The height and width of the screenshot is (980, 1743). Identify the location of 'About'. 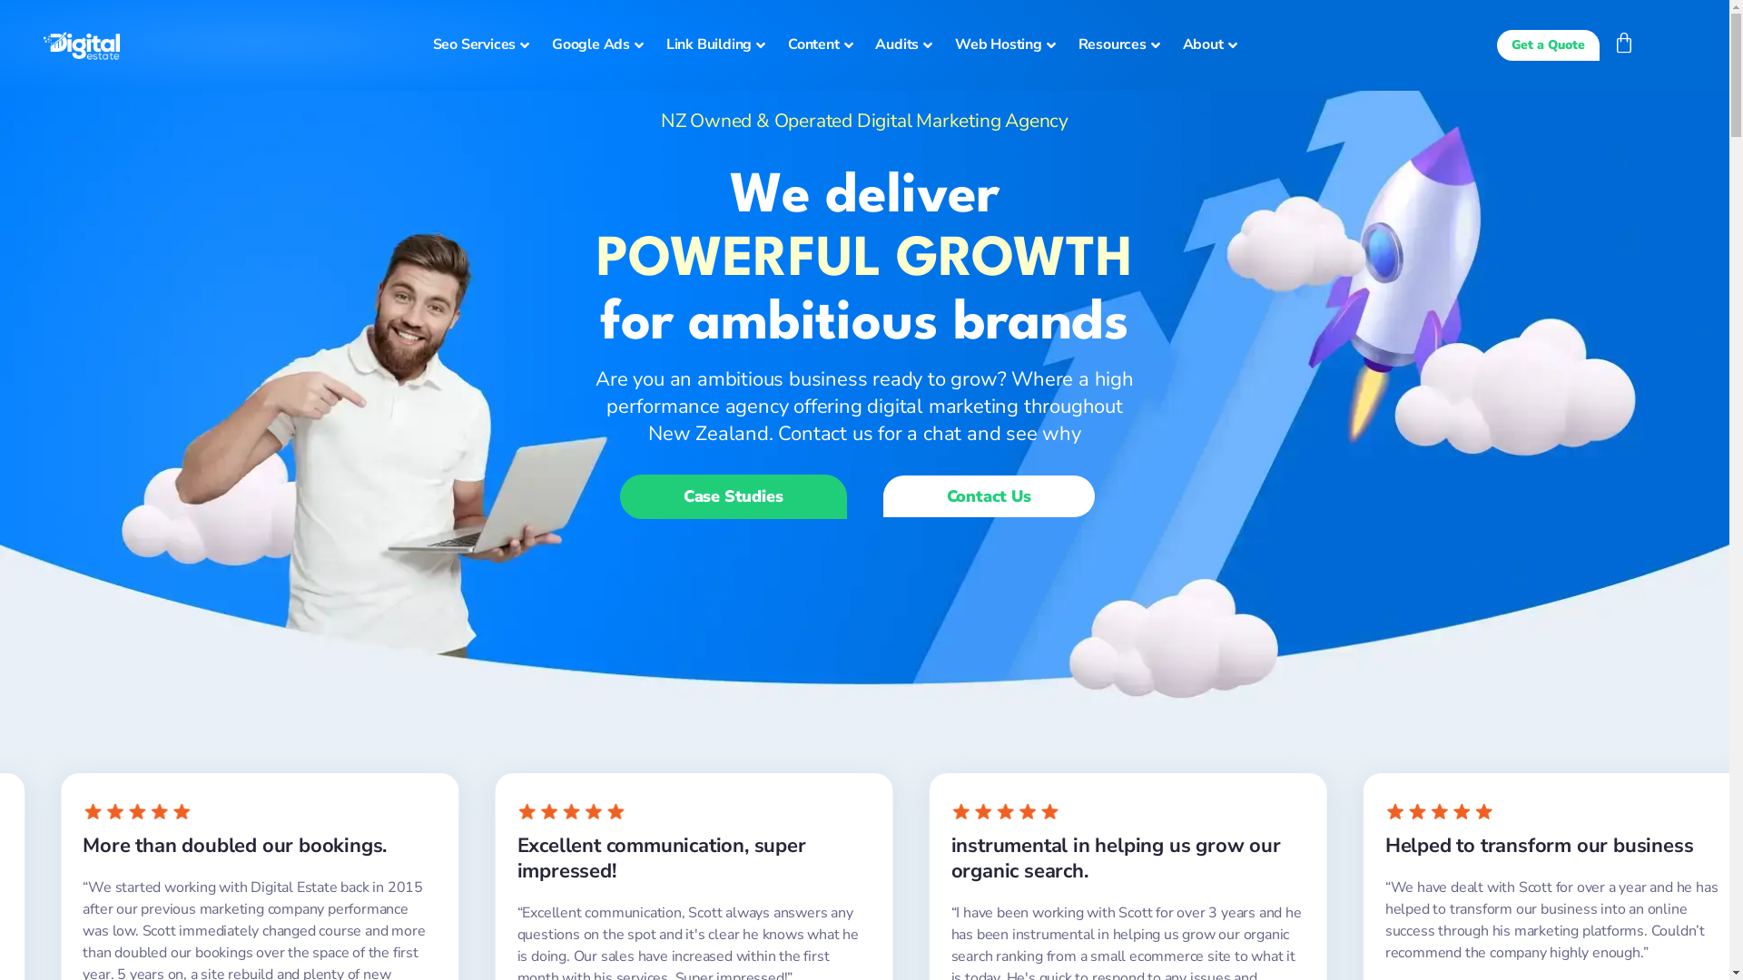
(1212, 44).